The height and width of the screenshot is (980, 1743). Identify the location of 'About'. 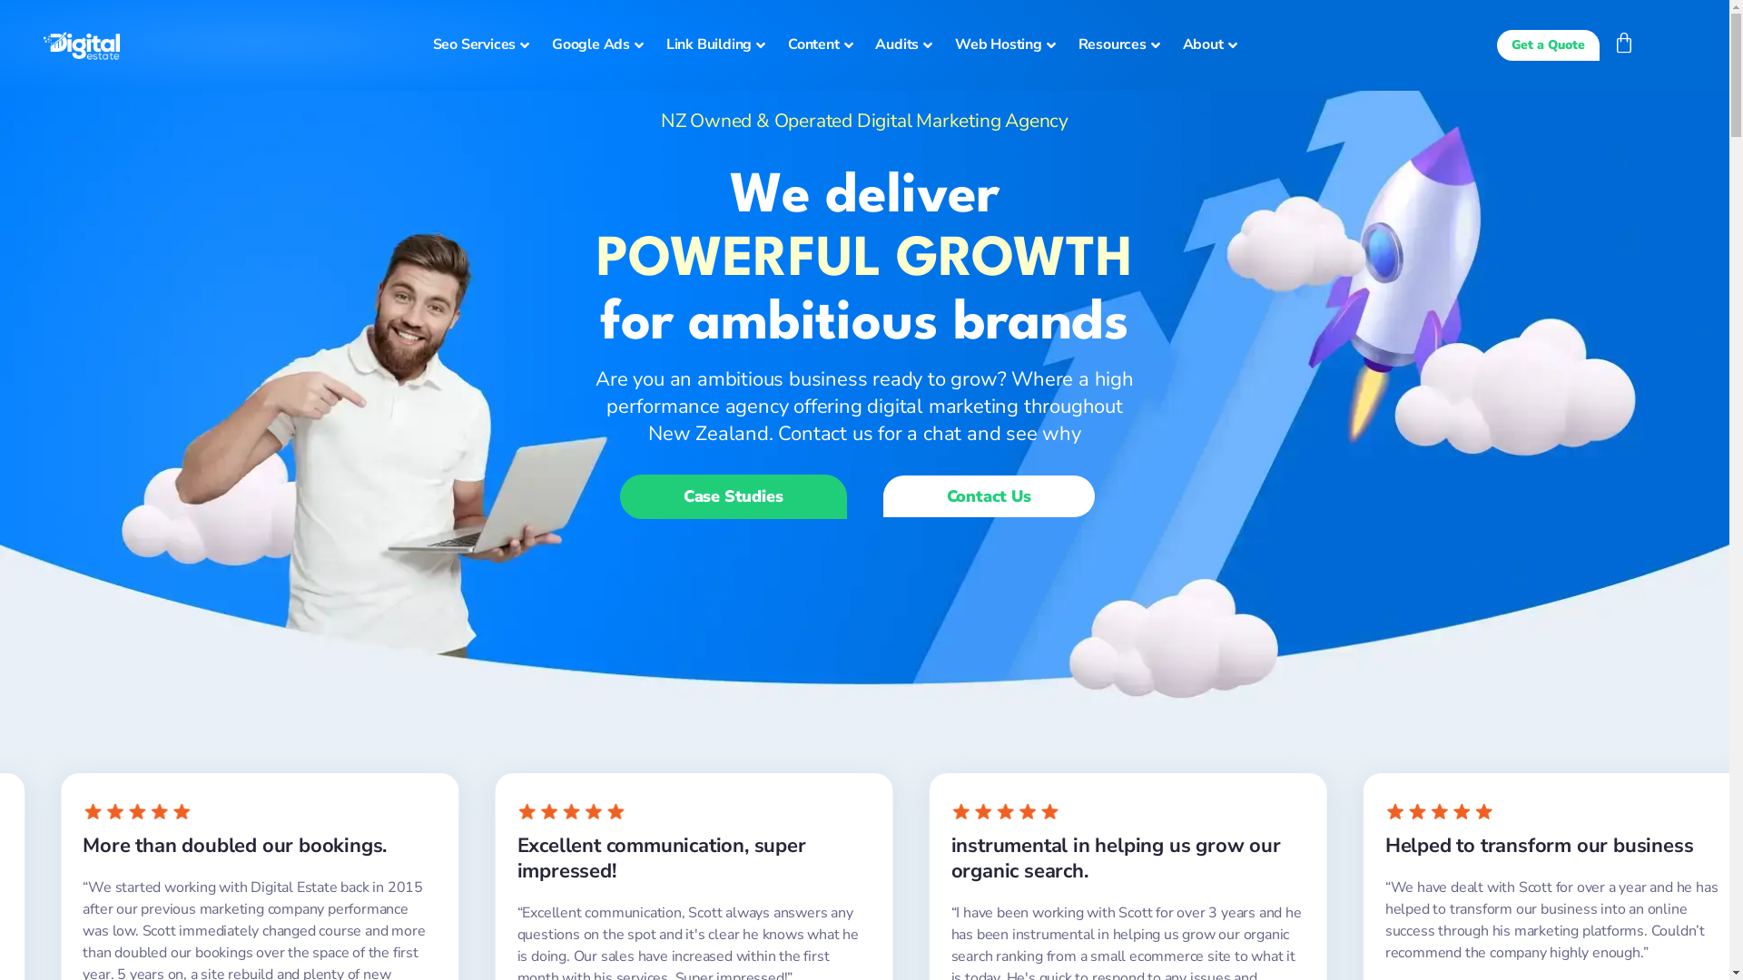
(1212, 44).